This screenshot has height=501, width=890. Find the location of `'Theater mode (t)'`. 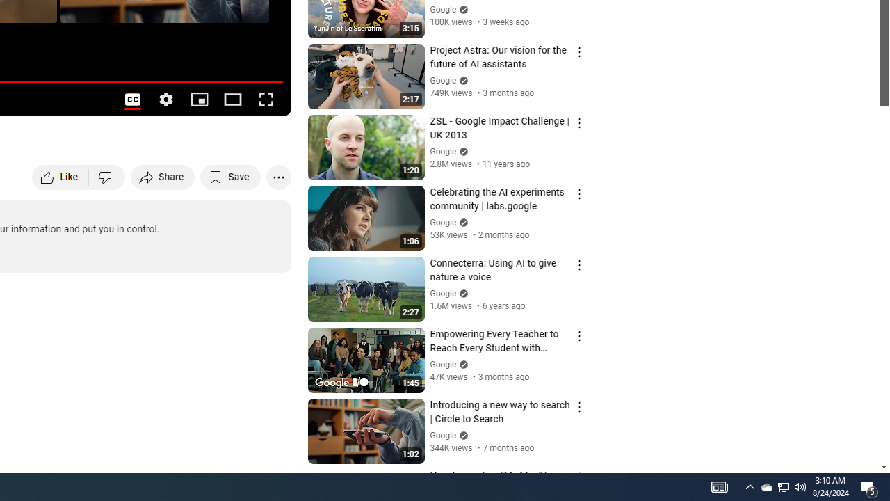

'Theater mode (t)' is located at coordinates (232, 98).